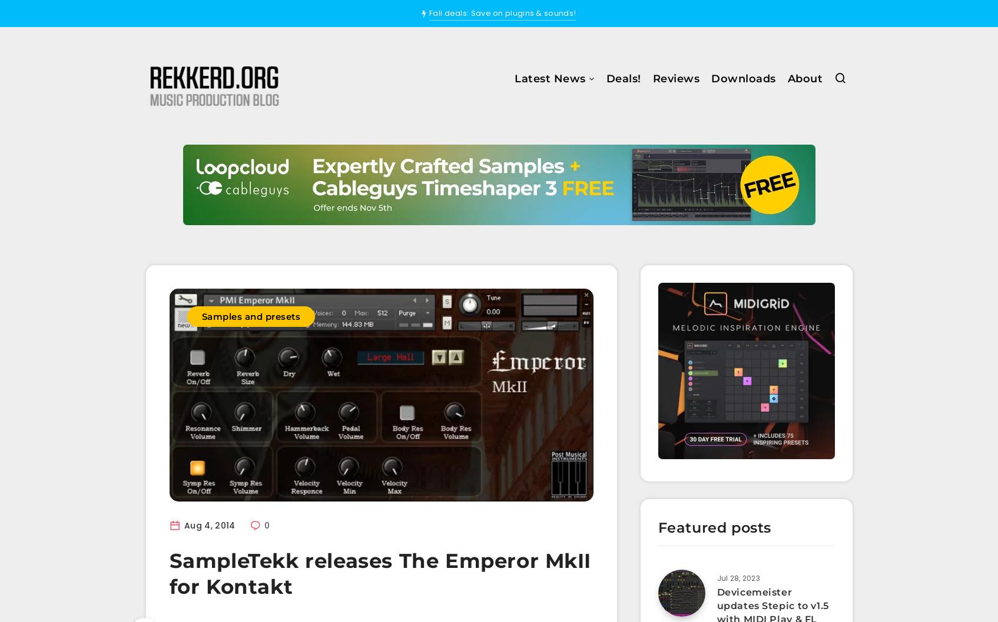  Describe the element at coordinates (509, 183) in the screenshot. I see `'Samples and Presets'` at that location.